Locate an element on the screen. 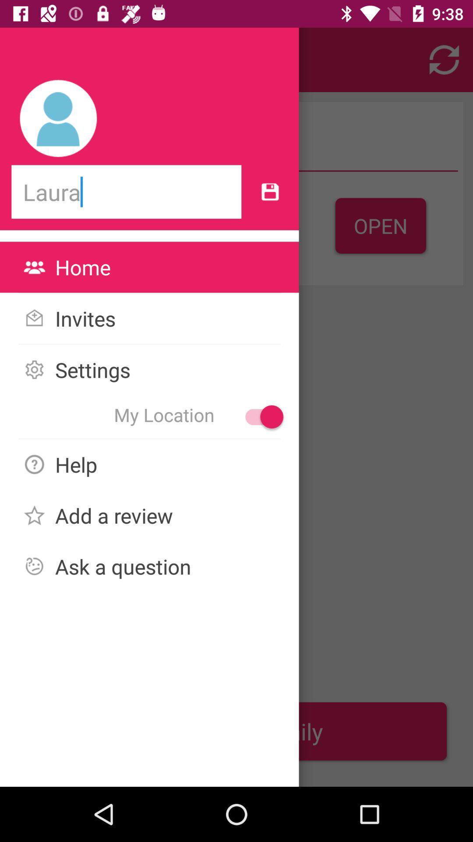  the refresh icon is located at coordinates (444, 59).